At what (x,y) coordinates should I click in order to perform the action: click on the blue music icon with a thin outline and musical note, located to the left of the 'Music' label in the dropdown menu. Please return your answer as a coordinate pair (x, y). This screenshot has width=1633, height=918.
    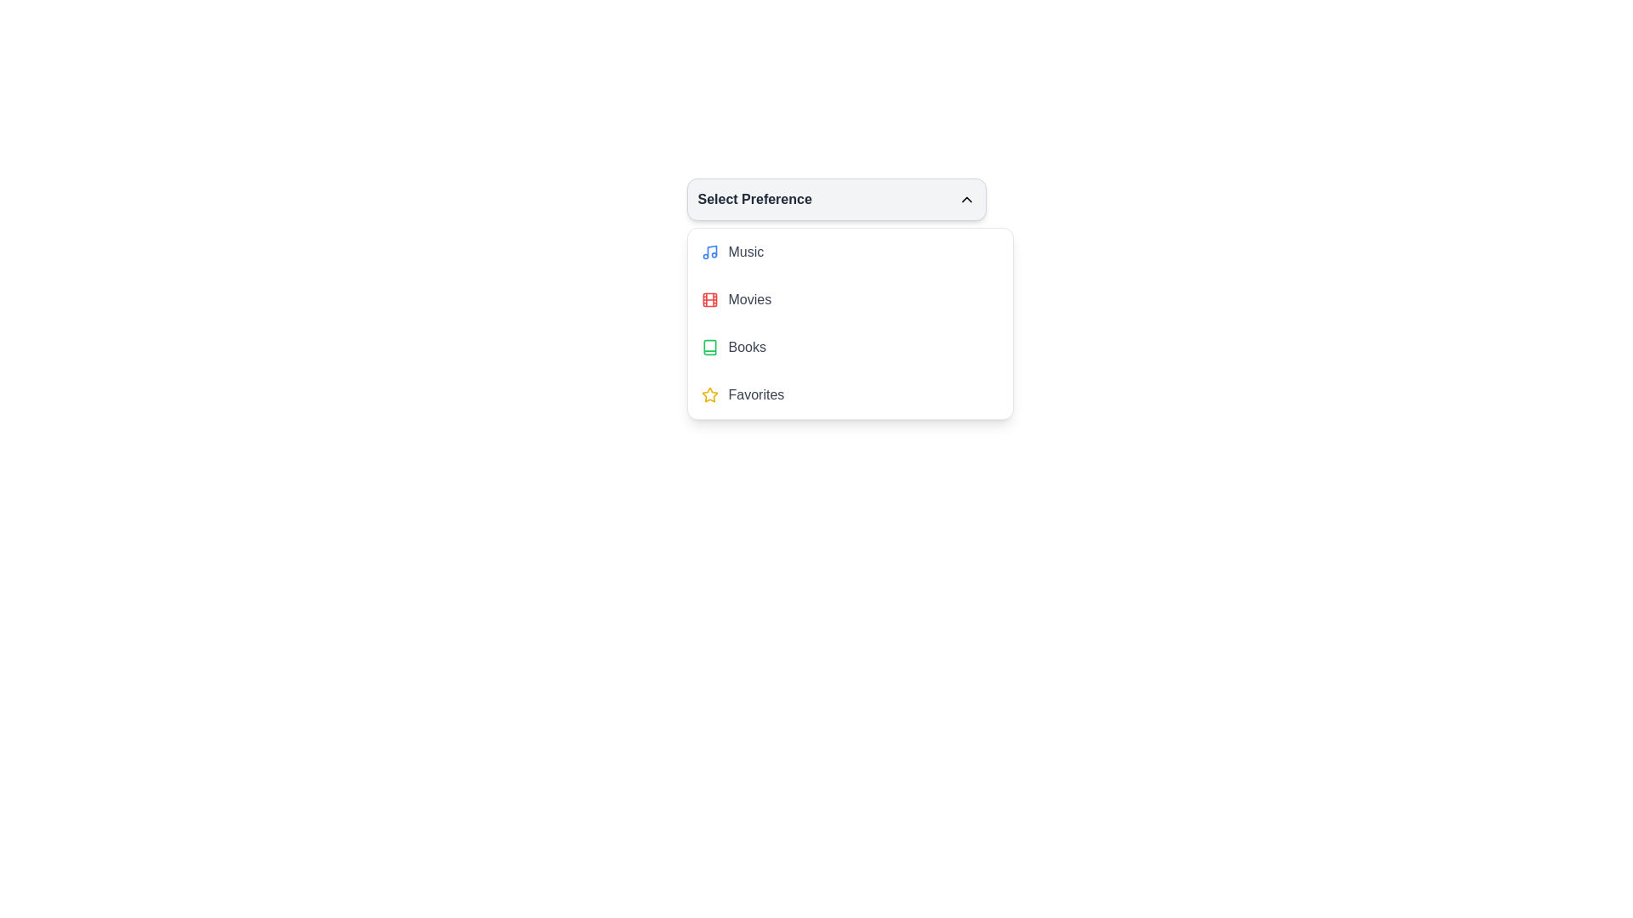
    Looking at the image, I should click on (709, 252).